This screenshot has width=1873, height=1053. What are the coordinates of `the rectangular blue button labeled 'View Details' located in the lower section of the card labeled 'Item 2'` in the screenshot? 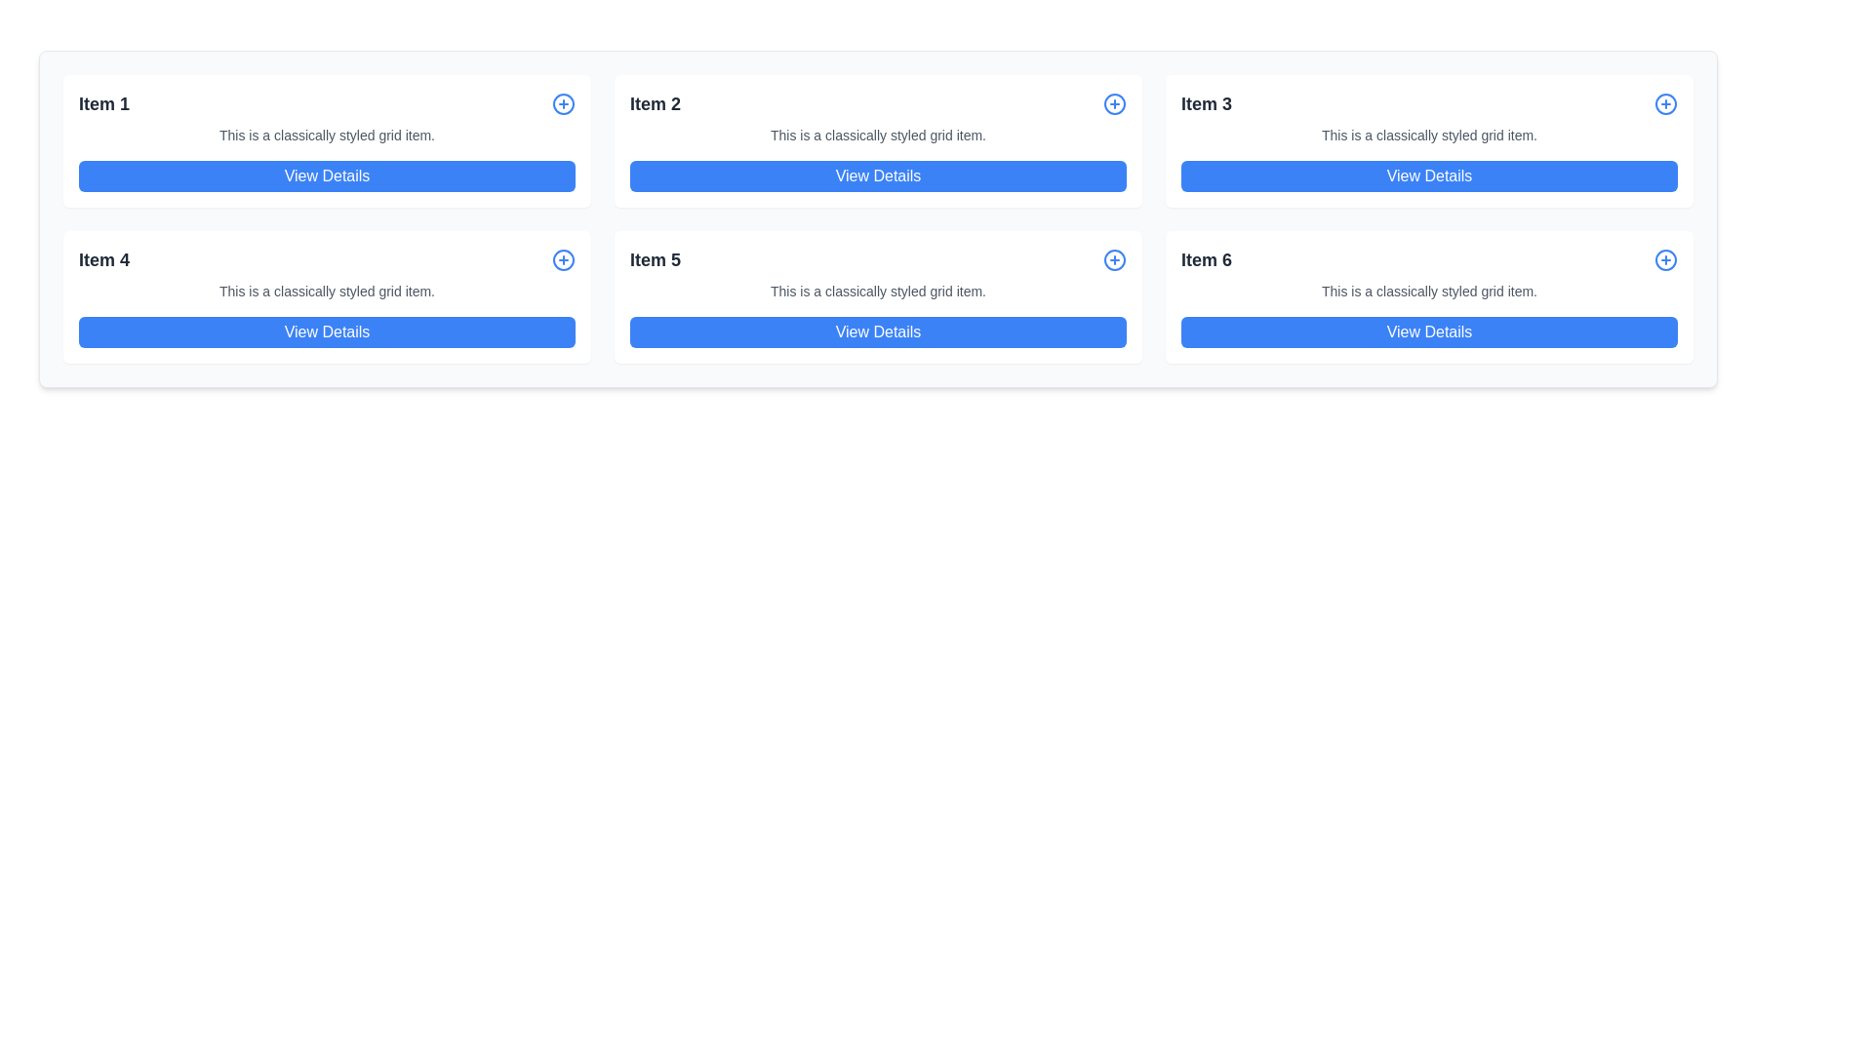 It's located at (877, 176).